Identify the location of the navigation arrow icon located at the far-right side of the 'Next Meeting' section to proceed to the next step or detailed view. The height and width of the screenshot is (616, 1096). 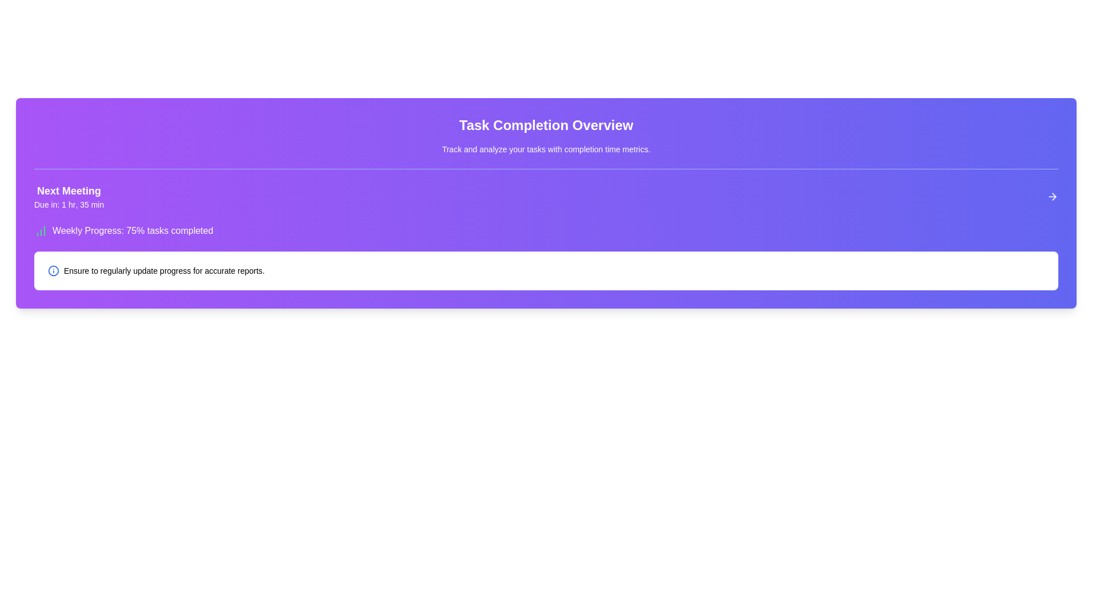
(1051, 196).